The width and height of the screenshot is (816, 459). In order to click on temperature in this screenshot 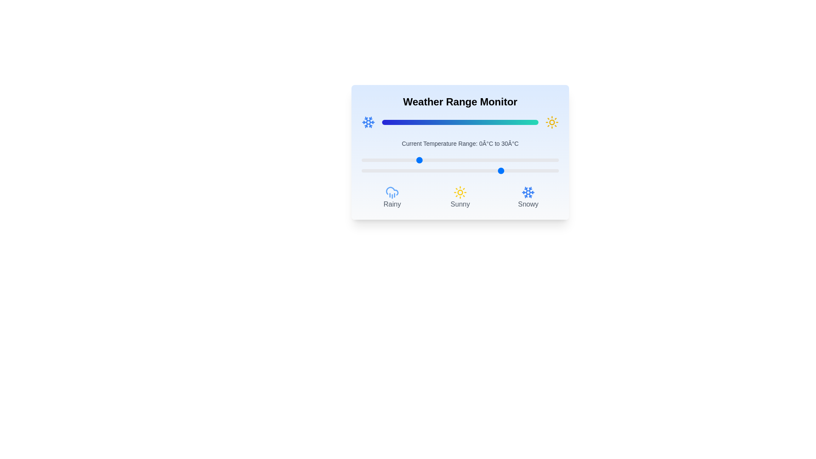, I will do `click(415, 170)`.